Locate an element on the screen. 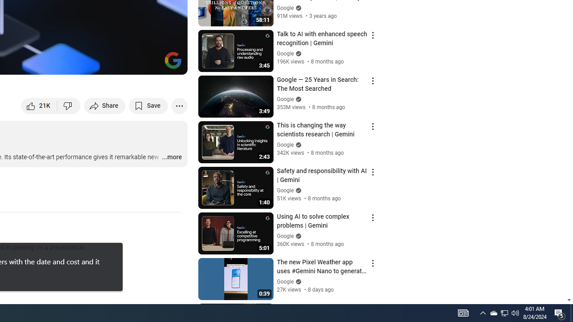 The image size is (573, 322). 'Dislike this video' is located at coordinates (68, 105).